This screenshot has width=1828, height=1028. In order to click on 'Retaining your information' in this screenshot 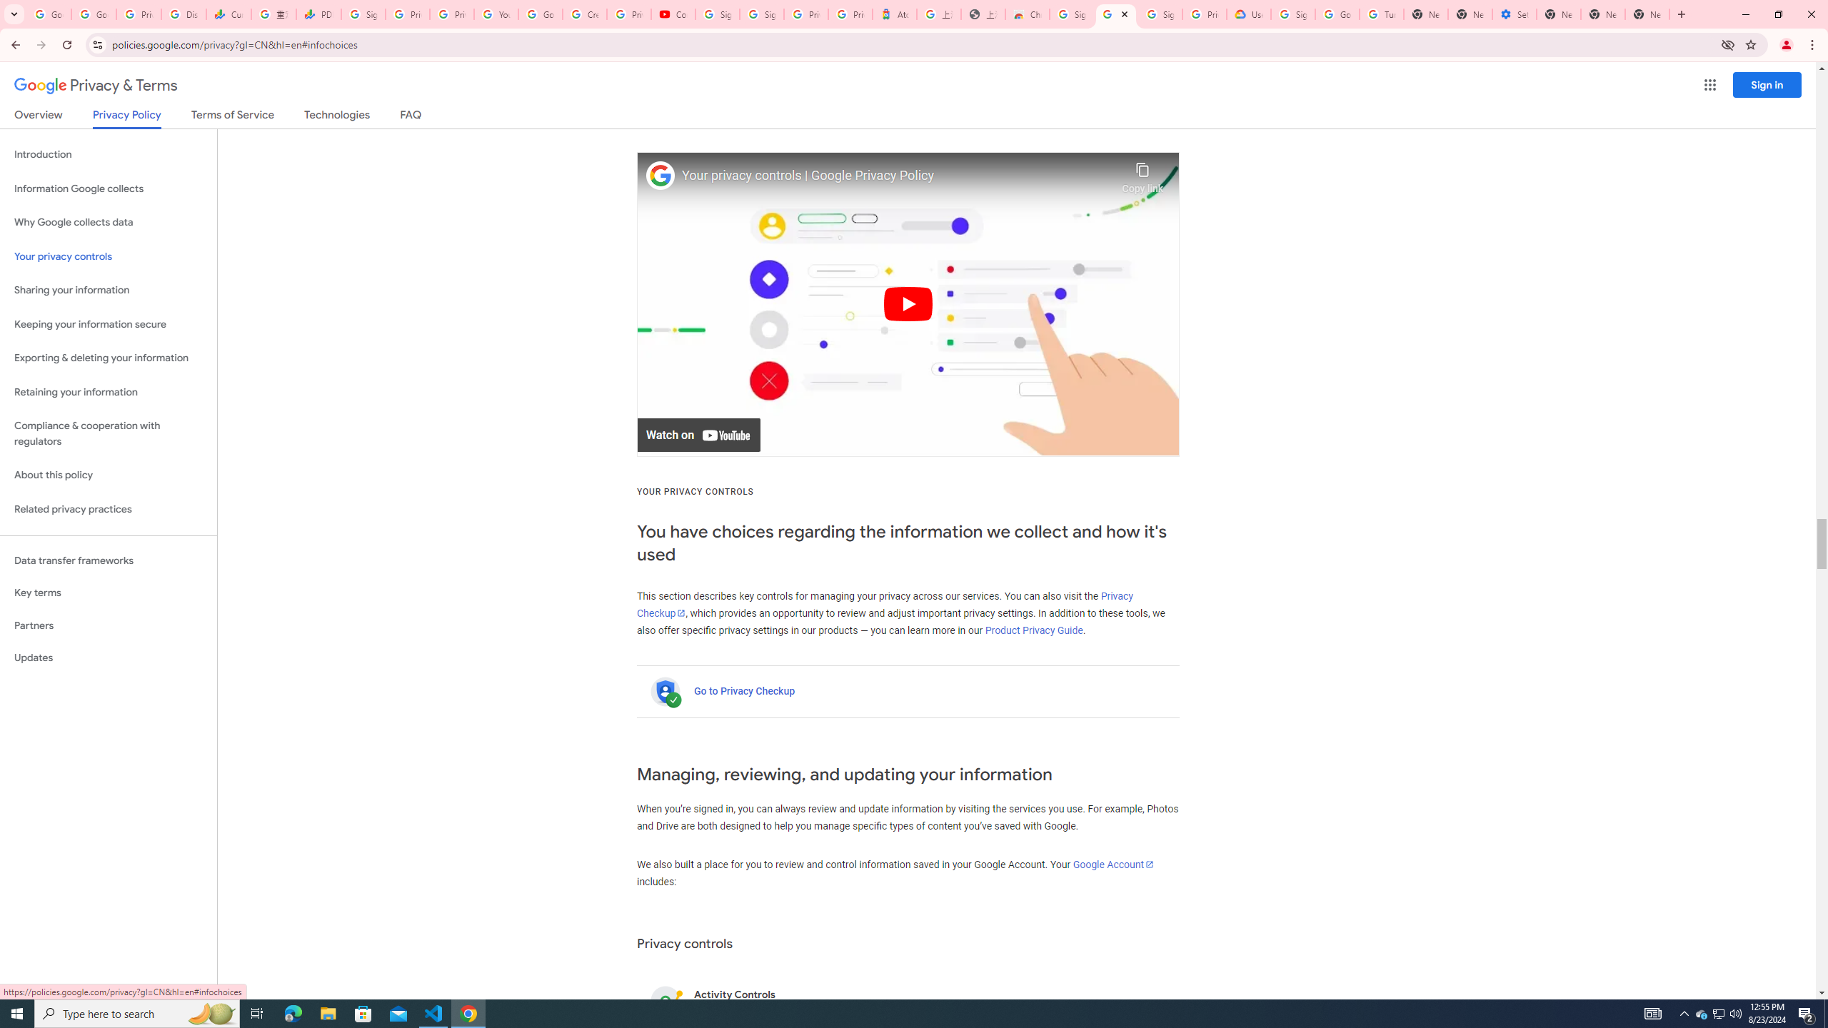, I will do `click(108, 392)`.